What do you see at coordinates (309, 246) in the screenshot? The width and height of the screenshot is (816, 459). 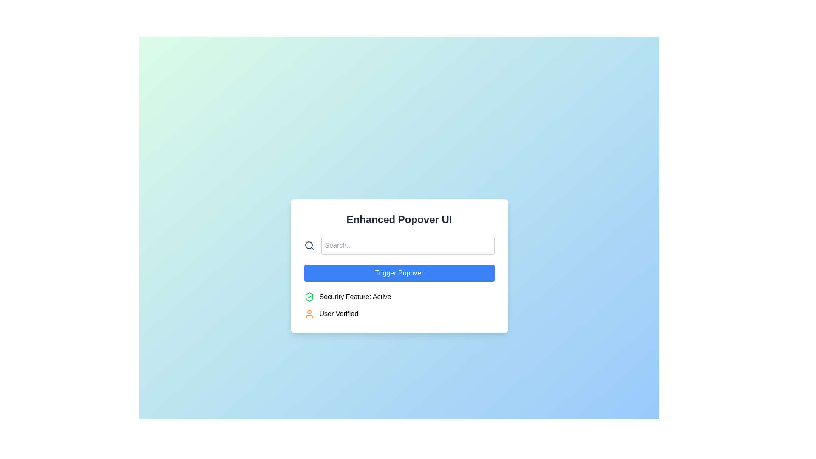 I see `the decorative or functional search icon located to the left of the search text input box` at bounding box center [309, 246].